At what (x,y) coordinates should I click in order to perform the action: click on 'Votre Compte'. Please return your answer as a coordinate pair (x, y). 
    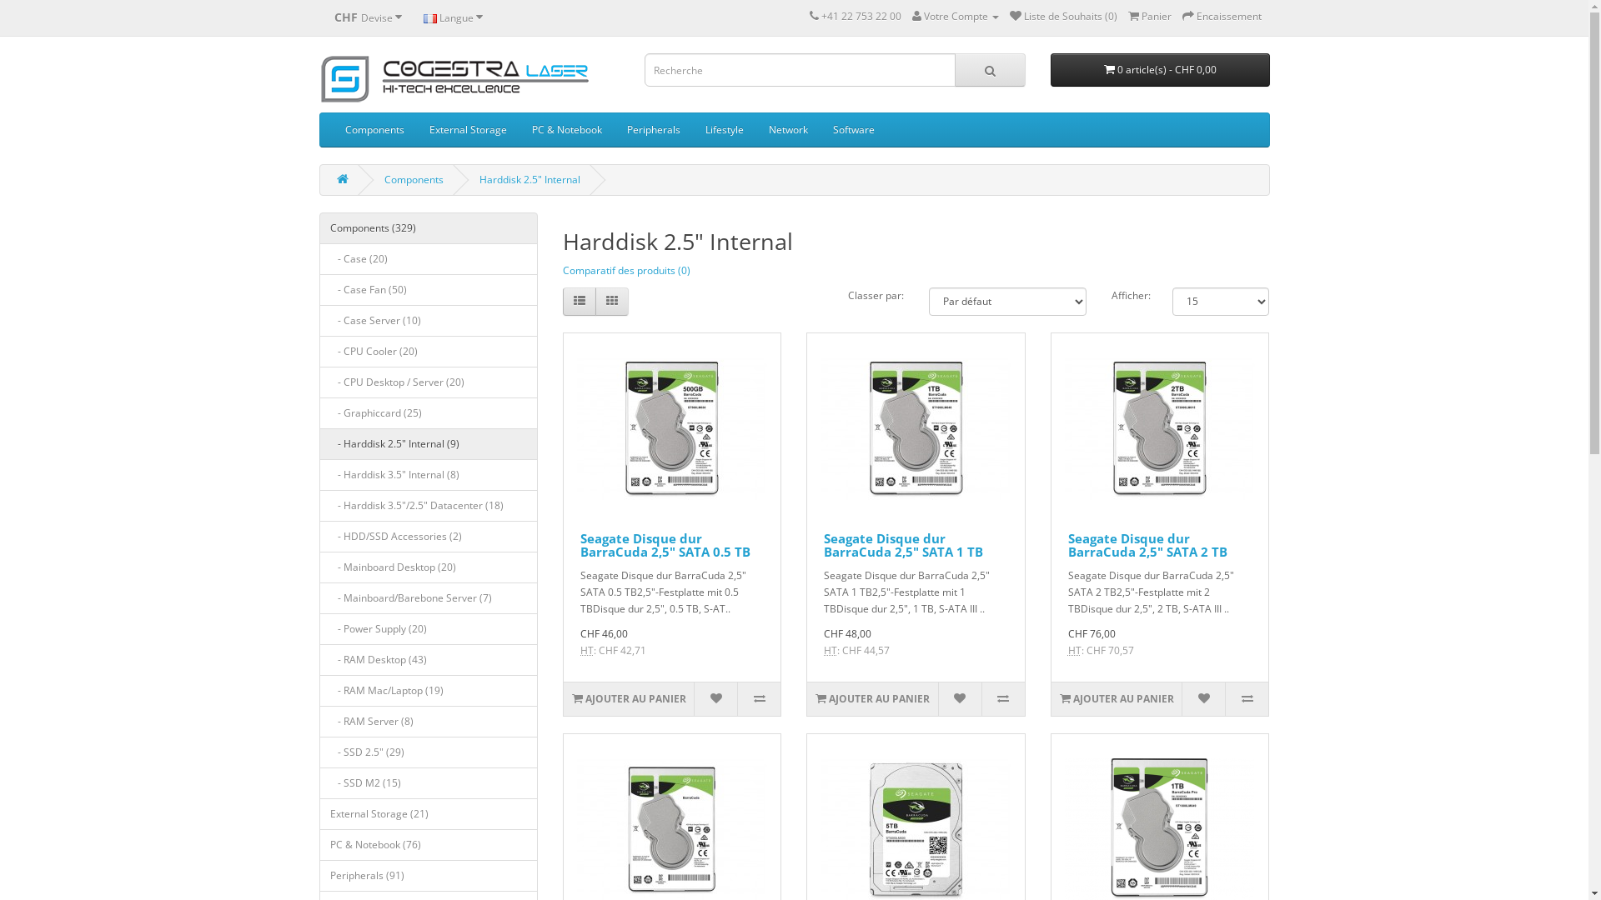
    Looking at the image, I should click on (911, 16).